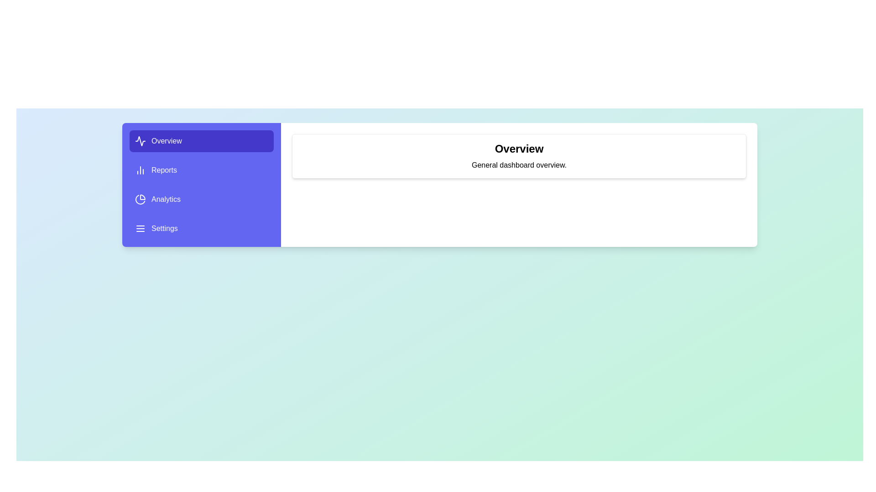  What do you see at coordinates (201, 199) in the screenshot?
I see `the menu item labeled Analytics` at bounding box center [201, 199].